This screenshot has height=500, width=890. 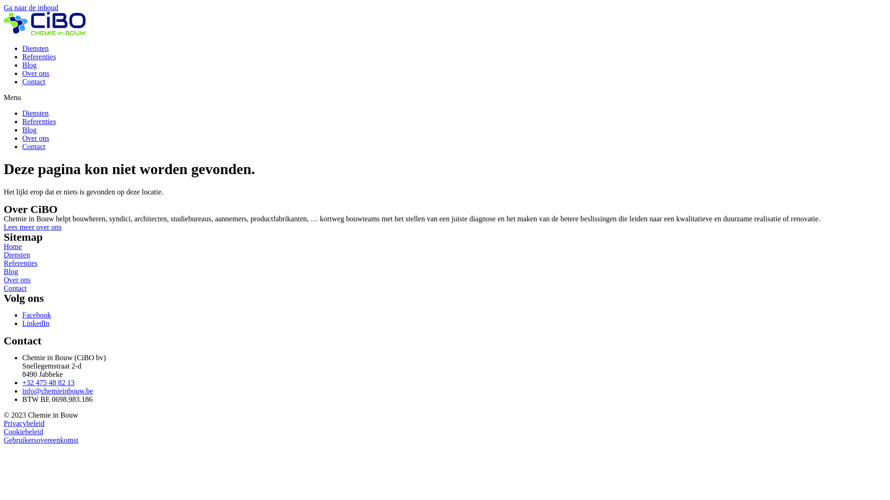 I want to click on 'Over ons', so click(x=35, y=138).